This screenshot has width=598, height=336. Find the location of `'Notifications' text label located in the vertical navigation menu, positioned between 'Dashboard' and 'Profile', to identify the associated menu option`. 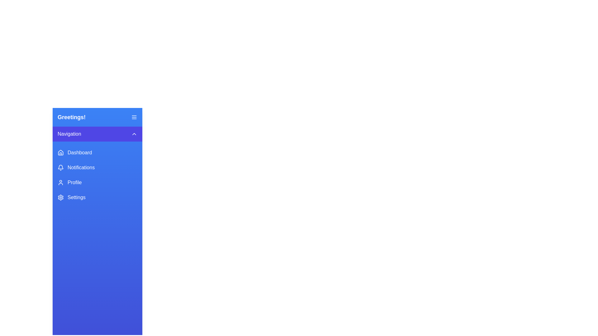

'Notifications' text label located in the vertical navigation menu, positioned between 'Dashboard' and 'Profile', to identify the associated menu option is located at coordinates (81, 167).